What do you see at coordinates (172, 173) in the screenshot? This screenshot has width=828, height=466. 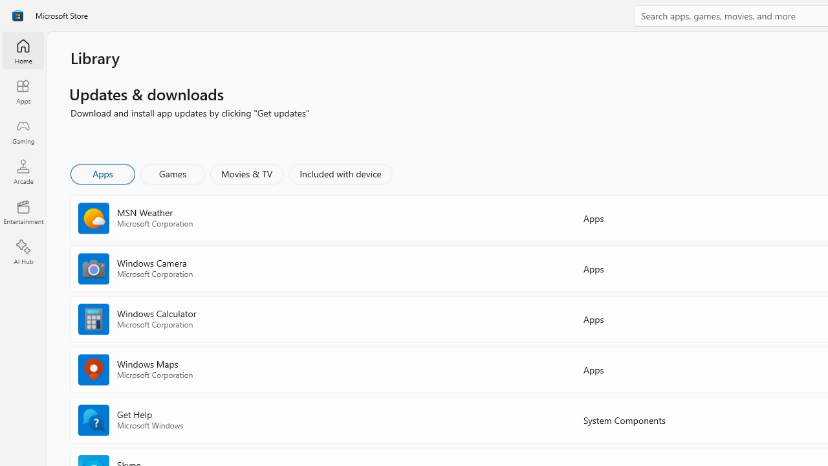 I see `'Games'` at bounding box center [172, 173].